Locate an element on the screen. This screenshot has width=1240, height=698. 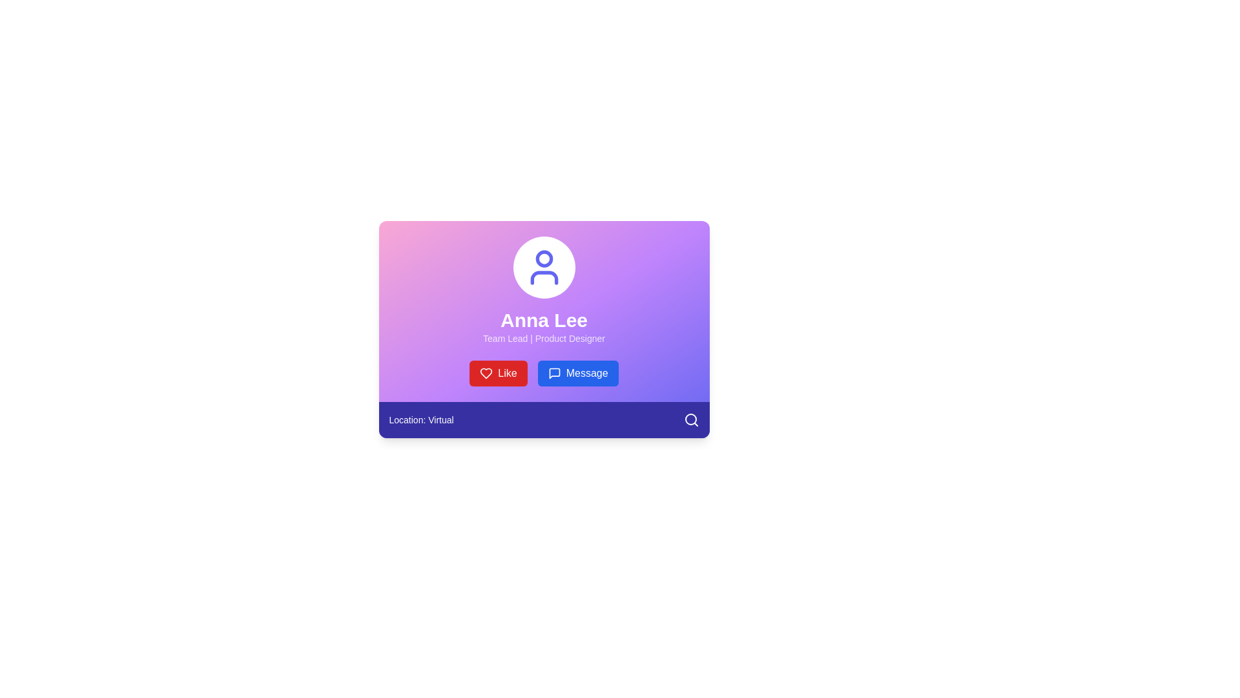
the speech bubble icon, which is a rounded square shape with a triangular tail, located inside the 'Message' button on the left side is located at coordinates (554, 374).